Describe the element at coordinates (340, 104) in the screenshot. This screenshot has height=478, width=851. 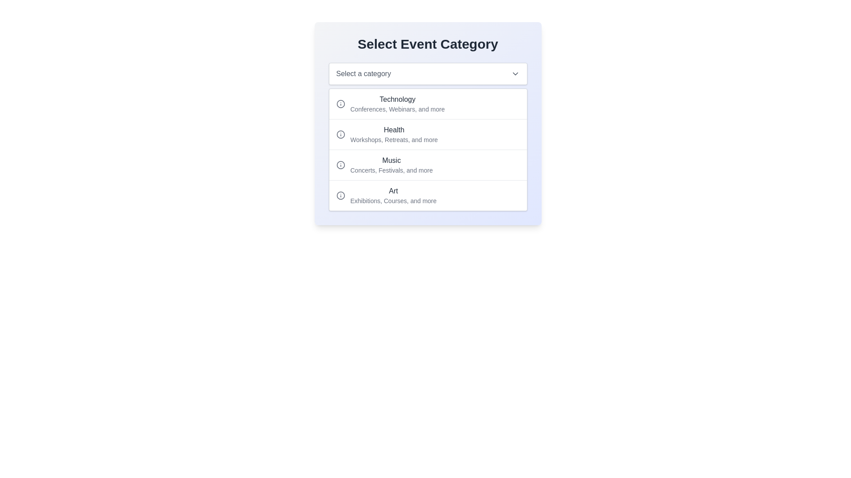
I see `the circular gray information icon located to the left of the 'Technology' heading in the dropdown panel labeled 'Select Event Category'` at that location.